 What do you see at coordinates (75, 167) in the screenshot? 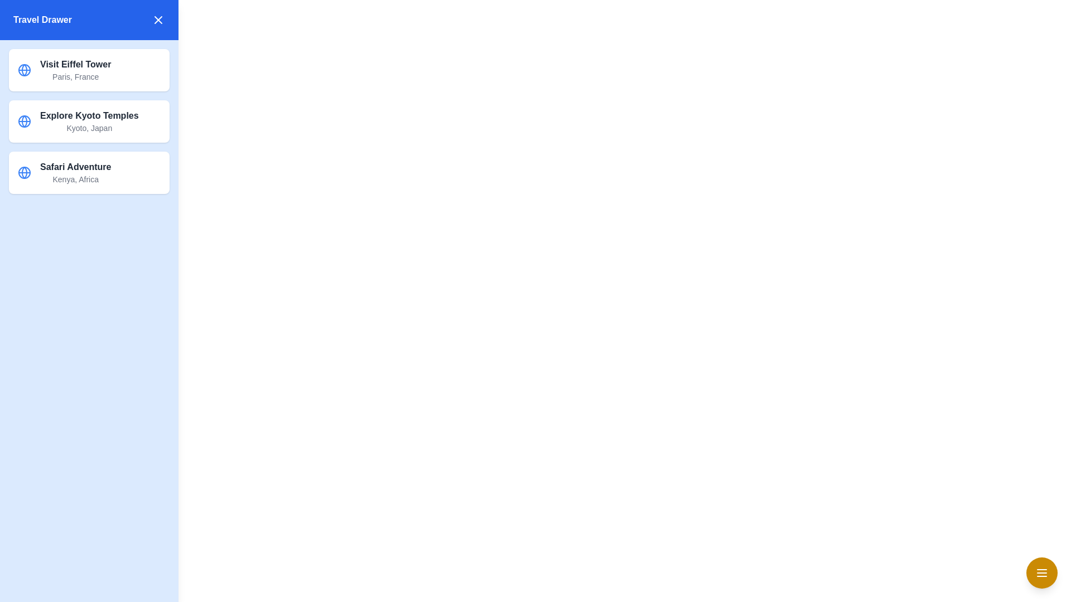
I see `text 'Safari Adventure' which is the title of the third entry in the left-aligned Travel Drawer` at bounding box center [75, 167].